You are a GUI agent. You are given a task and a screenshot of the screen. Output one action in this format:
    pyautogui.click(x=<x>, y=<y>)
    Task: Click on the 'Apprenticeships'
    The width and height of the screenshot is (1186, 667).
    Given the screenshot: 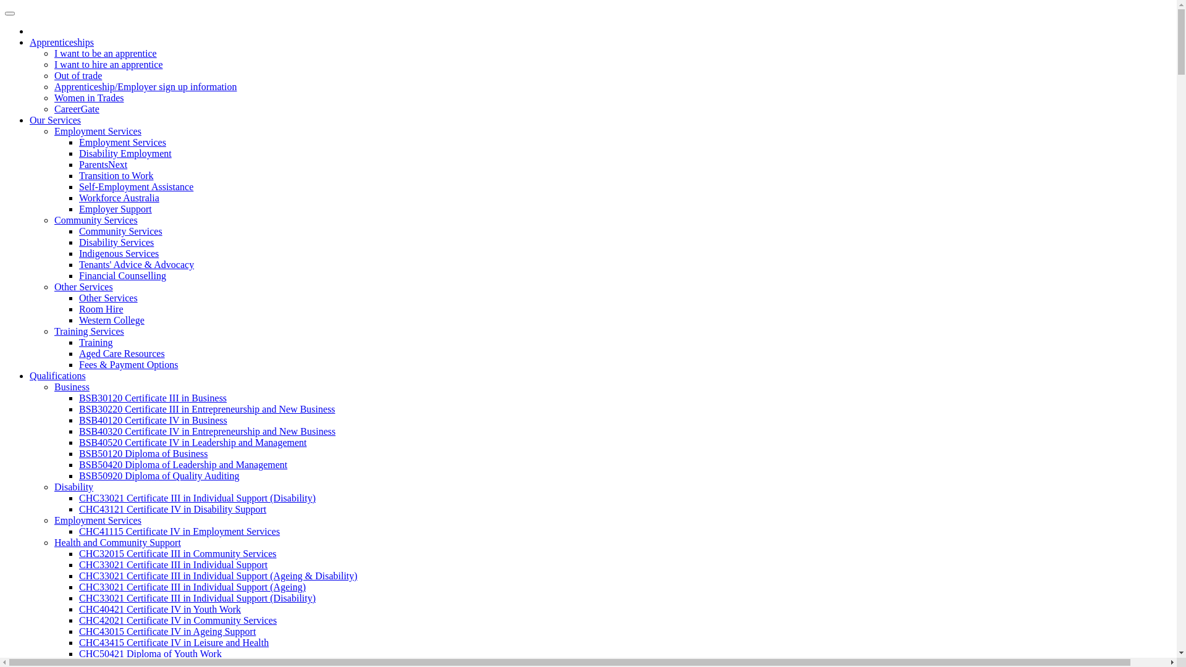 What is the action you would take?
    pyautogui.click(x=61, y=41)
    